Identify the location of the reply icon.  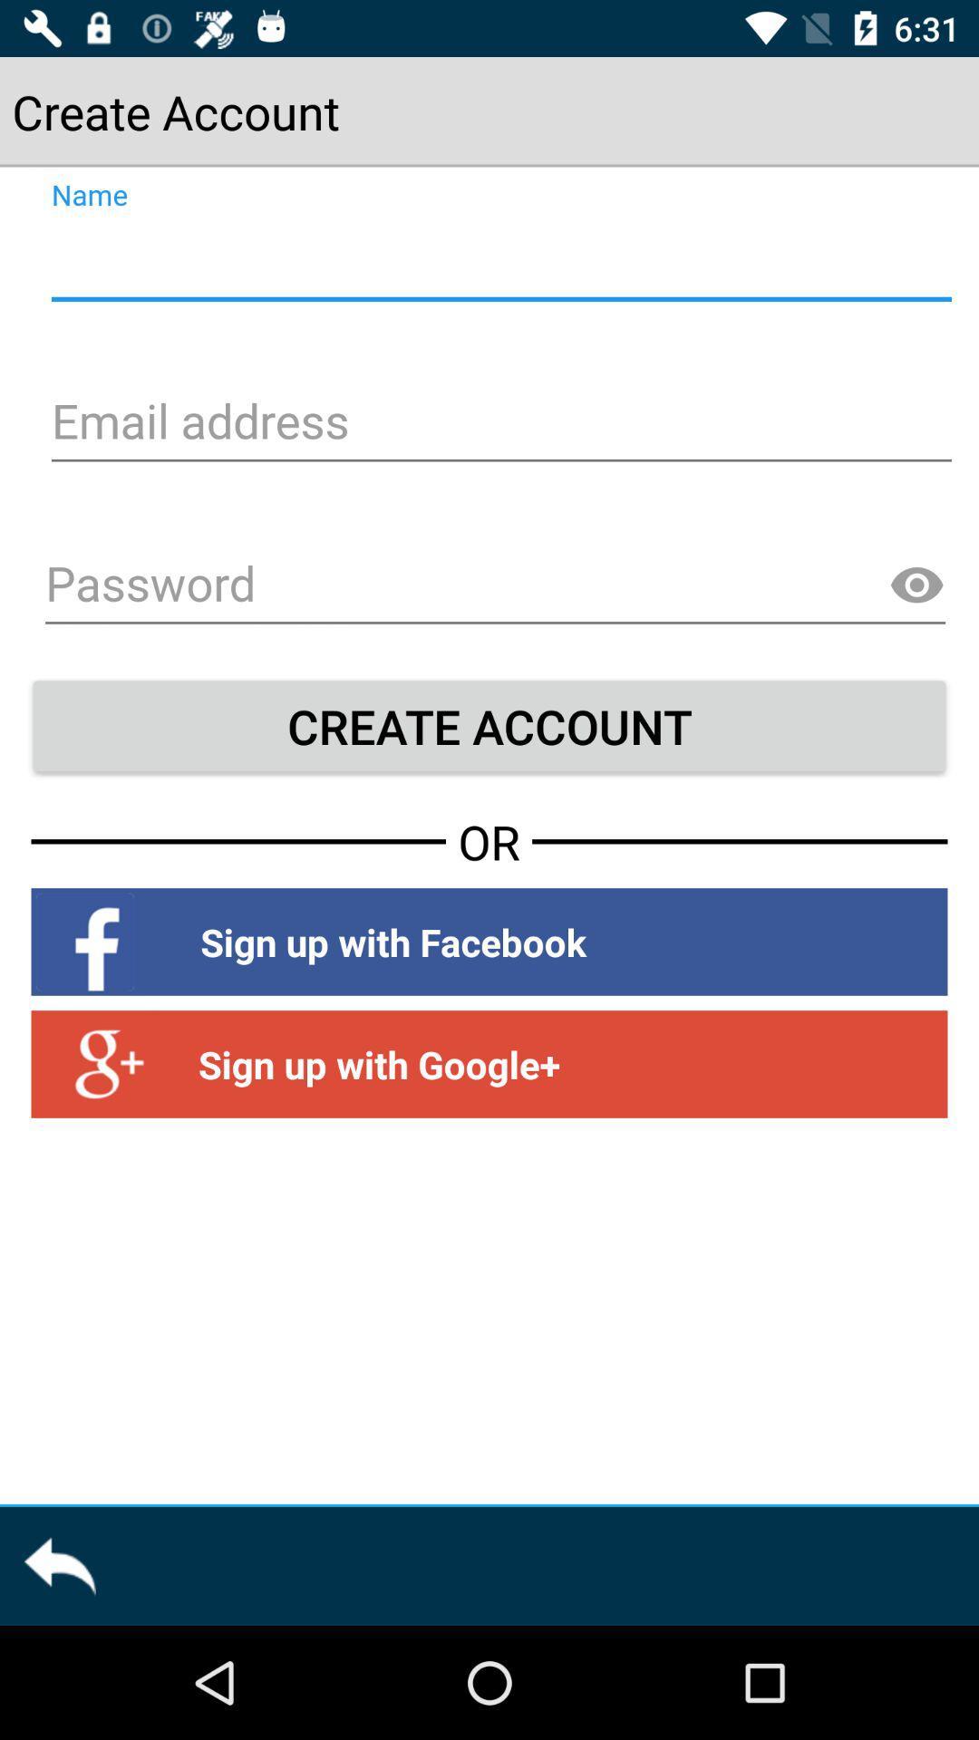
(58, 1565).